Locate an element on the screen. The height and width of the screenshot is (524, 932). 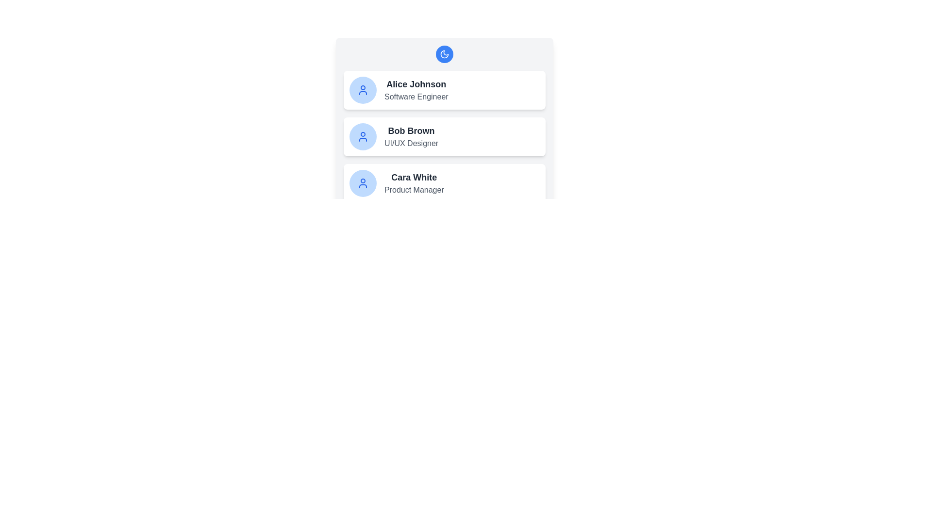
the graphical icon representing the user 'Alice Johnson' in the uppermost card of the vertical list is located at coordinates (363, 90).